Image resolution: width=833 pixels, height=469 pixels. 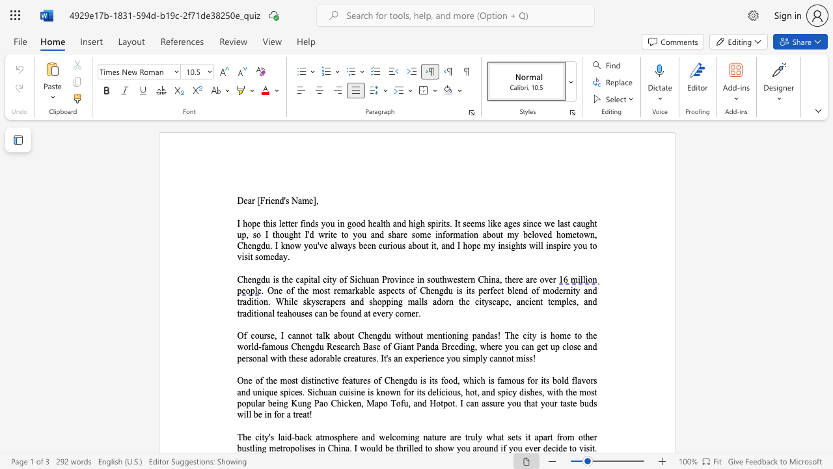 I want to click on the subset text "ngdu without mentioning pandas! The city is home to the world-famous Chengdu Res" within the text "Of course, I cannot talk about Chengdu without mentioning pandas! The city is home to the world-famous Chengdu Research Base of Giant Panda Breeding, where you can get up close and personal with these adorable creatures.", so click(x=372, y=335).